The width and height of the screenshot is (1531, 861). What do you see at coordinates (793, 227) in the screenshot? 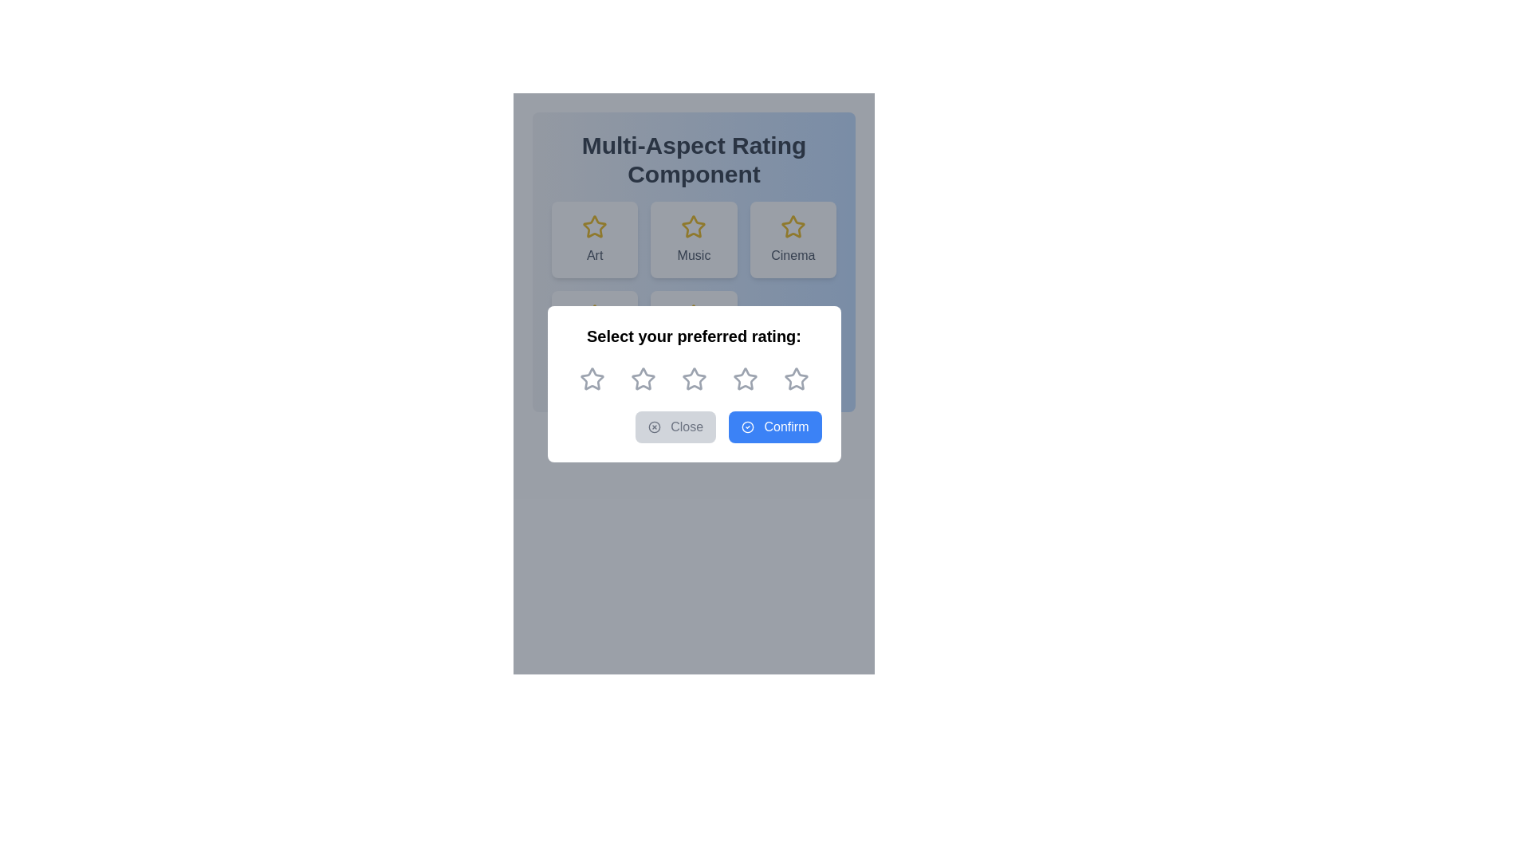
I see `the star icon that represents the rating indicator for the 'Cinema' category, located at the center of the 'Cinema' card above the text label 'Cinema'` at bounding box center [793, 227].